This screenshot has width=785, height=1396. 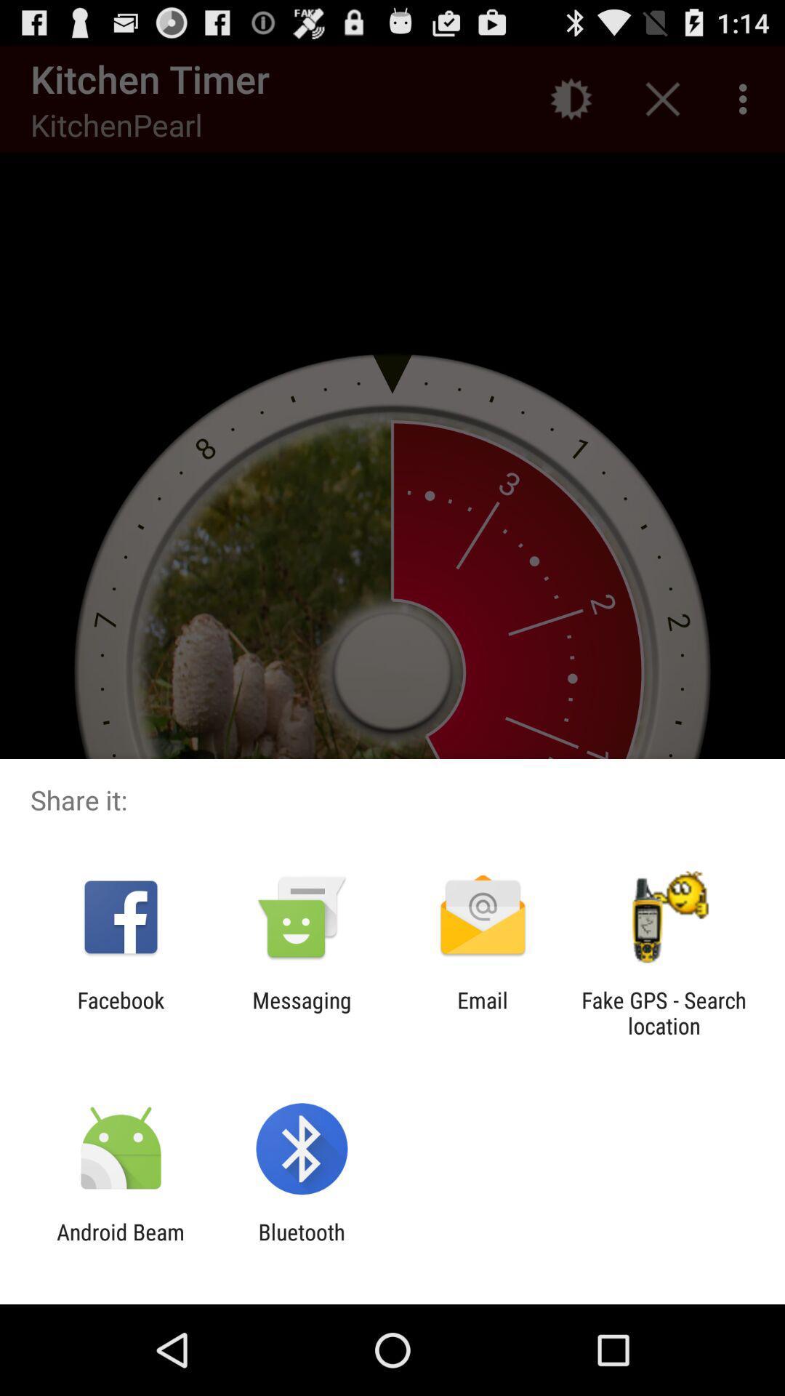 I want to click on the android beam, so click(x=120, y=1244).